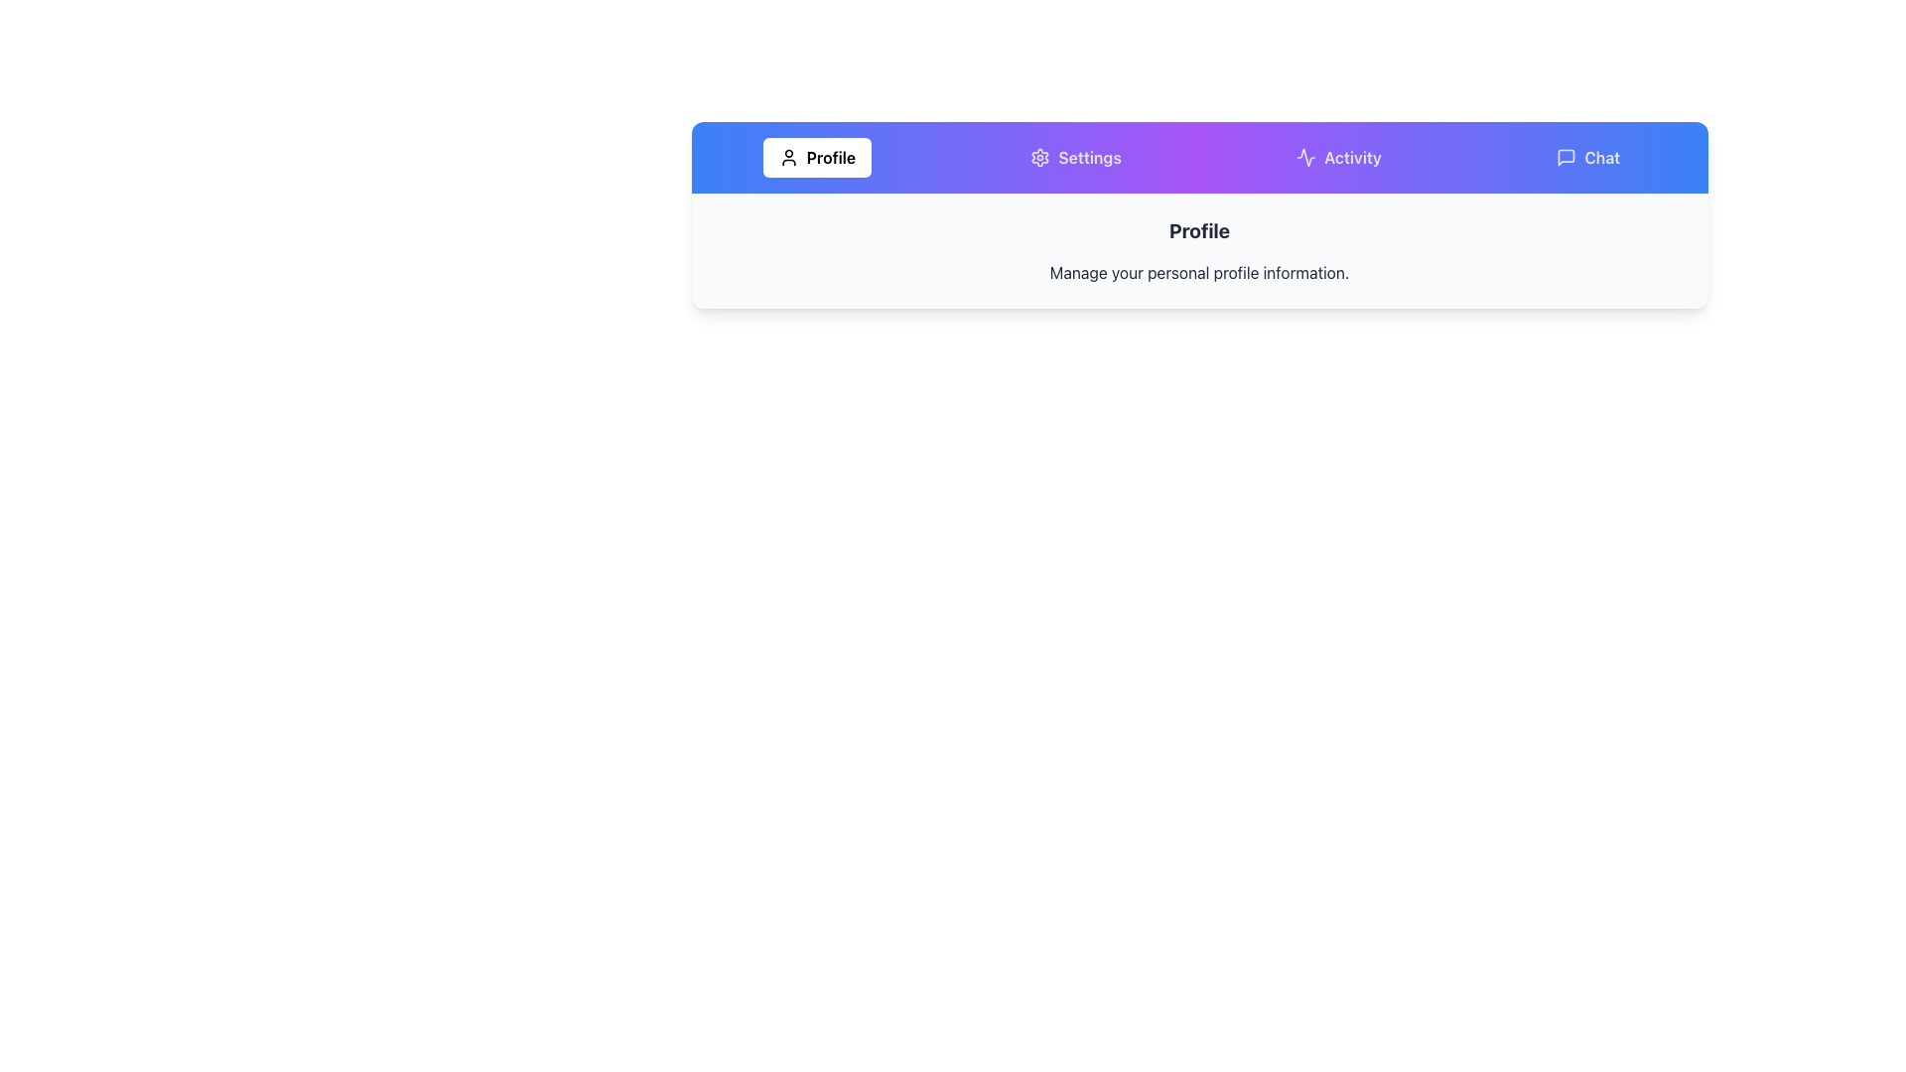 Image resolution: width=1906 pixels, height=1072 pixels. I want to click on the user icon, which is a stylized outline of a person with a circular head and a half-circle body, located to the left of the 'Profile' text in the top-left quadrant of the main interface header, so click(787, 156).